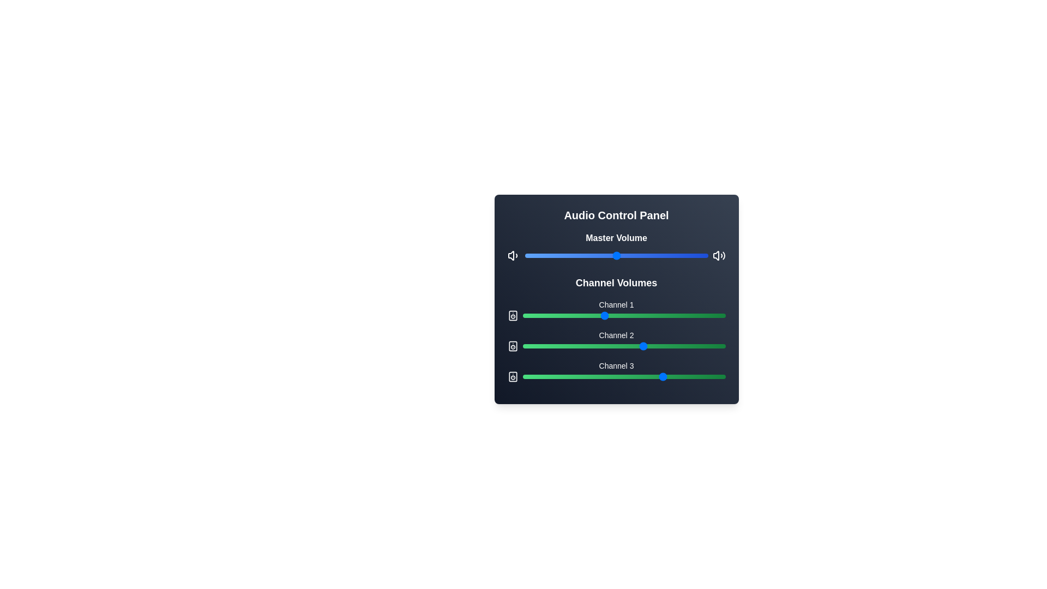  Describe the element at coordinates (616, 305) in the screenshot. I see `the text label reading 'Channel 1' in the 'Channel Volumes' section` at that location.